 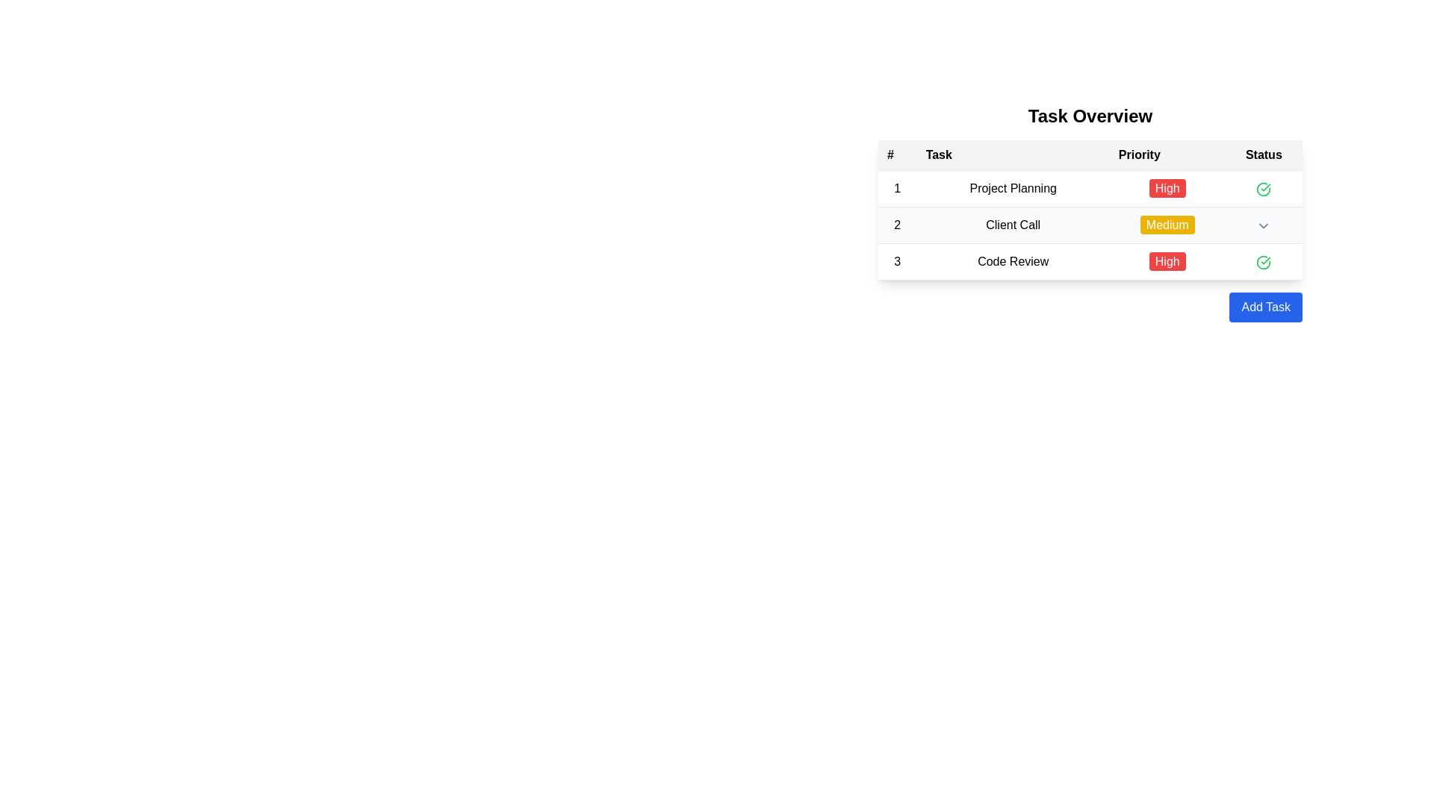 I want to click on the non-interactive priority level label located in the 'Priority' column of the row labeled '2' in the 'Task Overview' table, which is positioned to the right of the 'Client Call' column, so click(x=1167, y=225).